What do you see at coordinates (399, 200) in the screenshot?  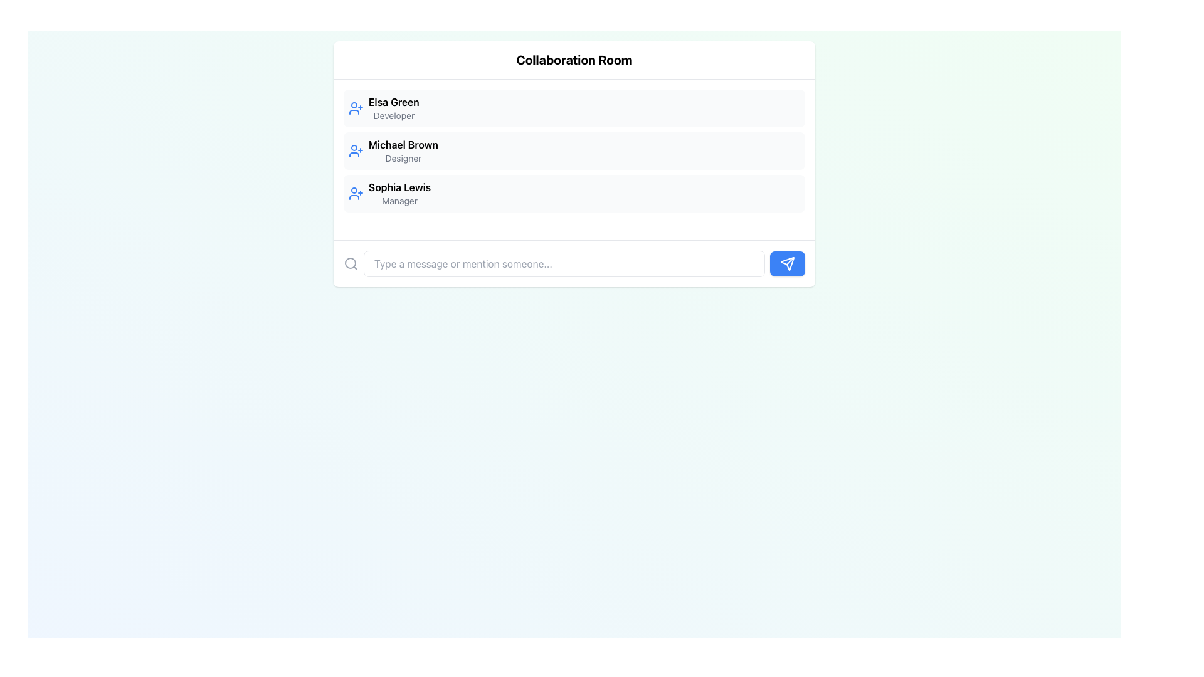 I see `the text label displaying 'Manager' located below 'Sophia Lewis' in the list` at bounding box center [399, 200].